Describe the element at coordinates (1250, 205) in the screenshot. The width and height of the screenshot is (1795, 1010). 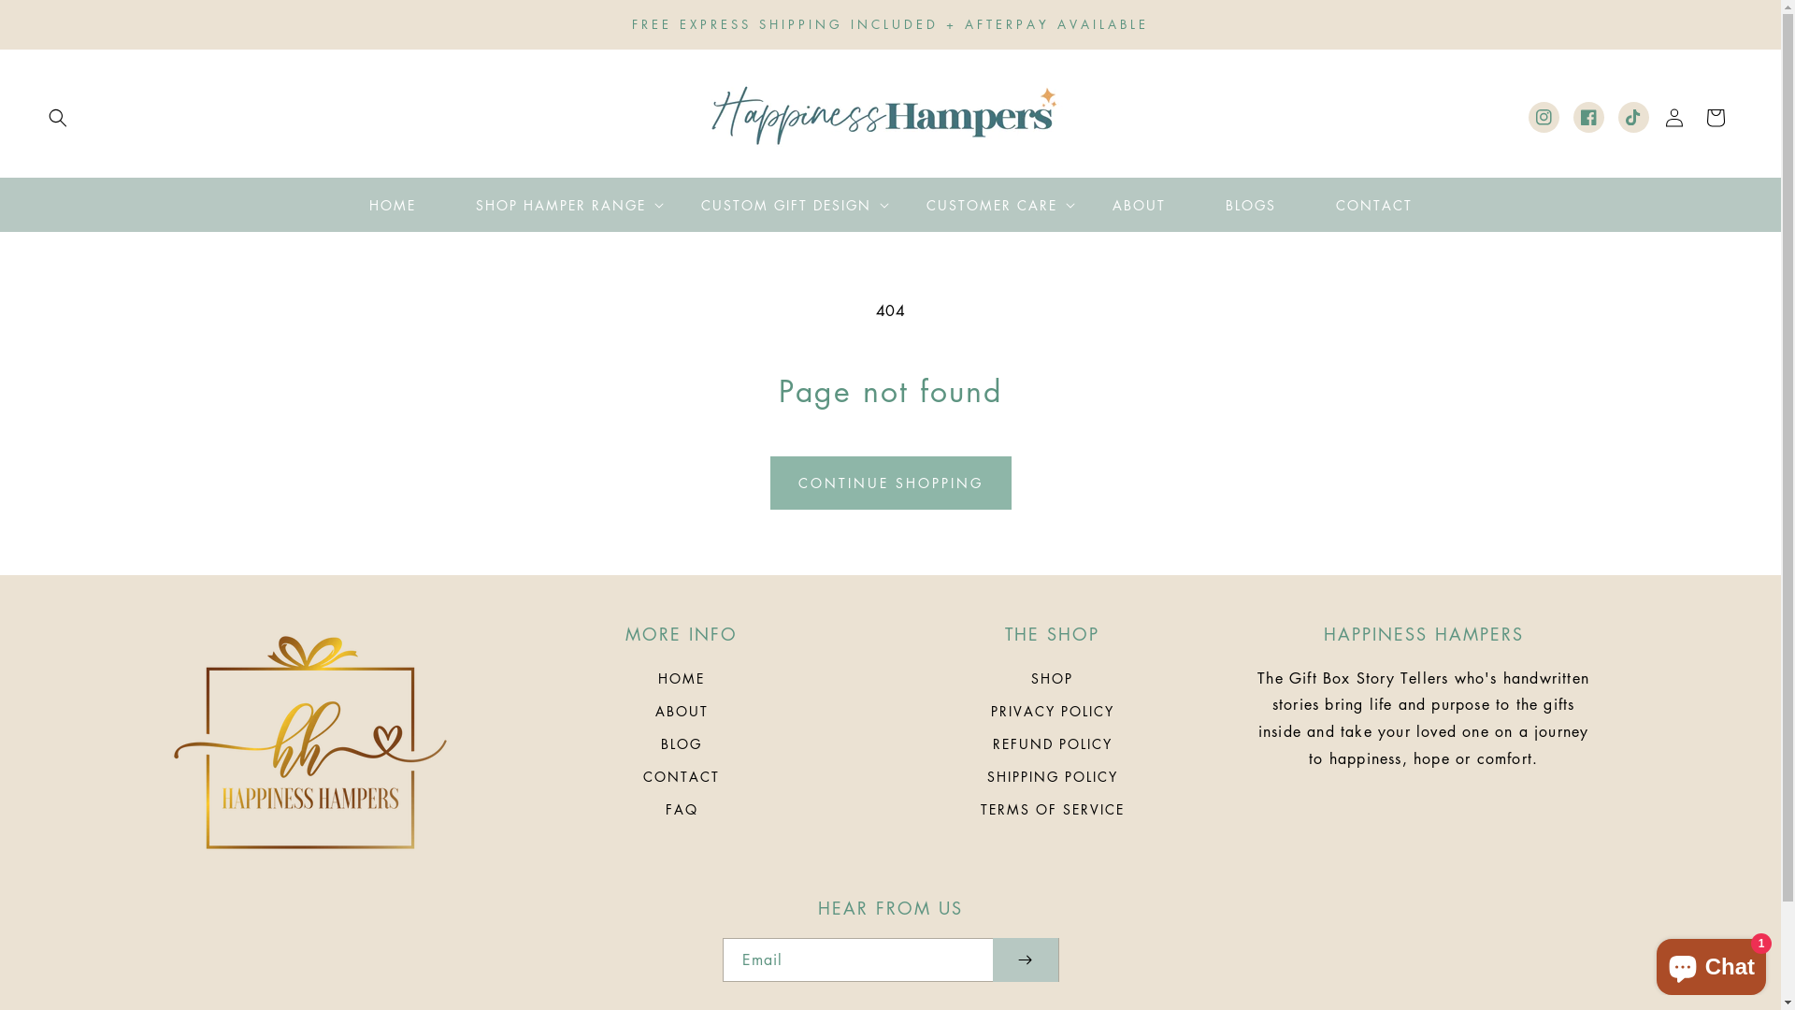
I see `'BLOGS'` at that location.